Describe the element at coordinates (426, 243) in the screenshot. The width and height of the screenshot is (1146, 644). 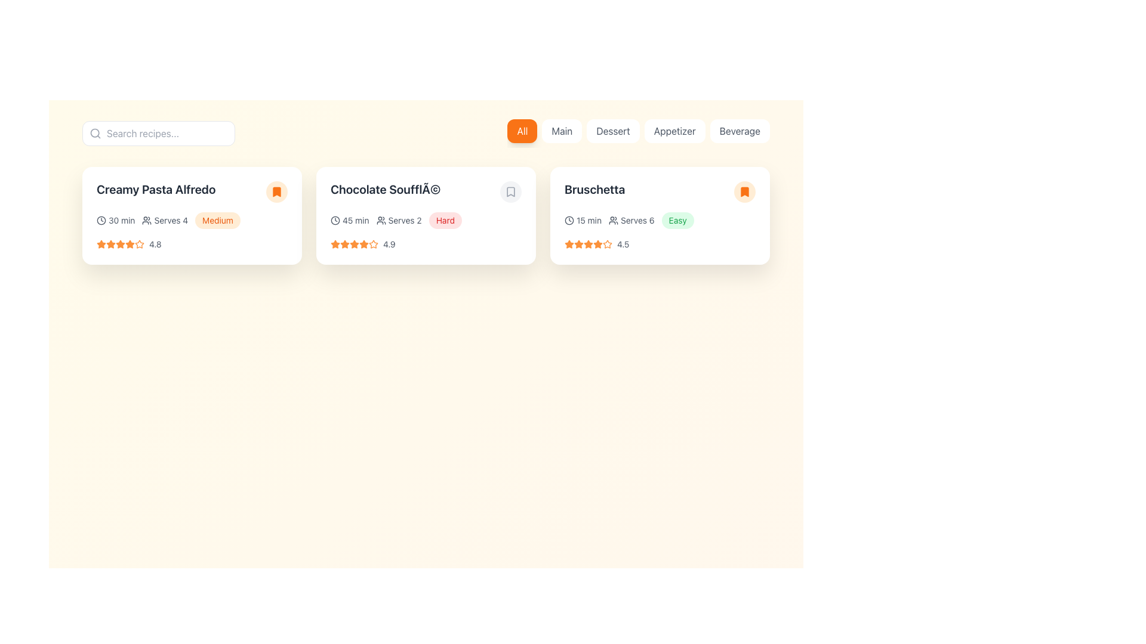
I see `the 4.9-star rating display for 'Chocolate Soufflé', which is visually represented by orange stars and a numeric rating, located at the bottom section of the card` at that location.